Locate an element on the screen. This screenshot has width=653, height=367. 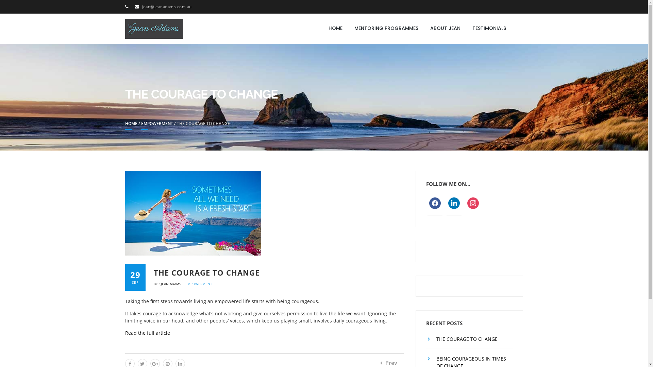
'Read the full article' is located at coordinates (147, 332).